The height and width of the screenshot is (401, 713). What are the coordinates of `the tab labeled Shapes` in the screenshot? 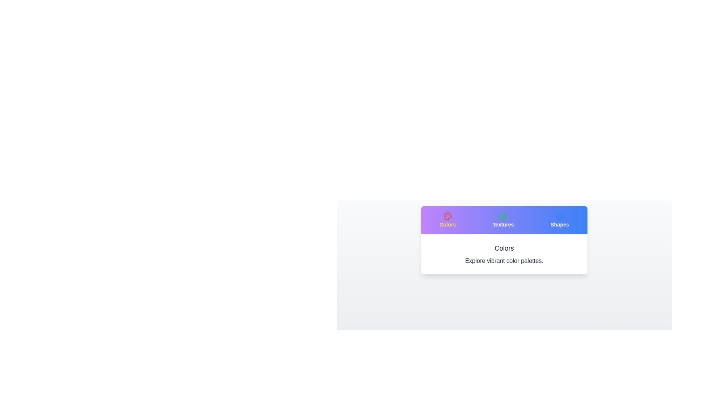 It's located at (560, 220).